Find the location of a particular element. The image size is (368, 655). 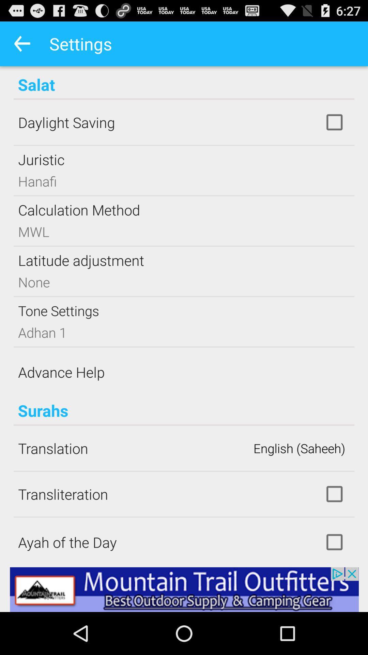

advertisement page is located at coordinates (184, 589).